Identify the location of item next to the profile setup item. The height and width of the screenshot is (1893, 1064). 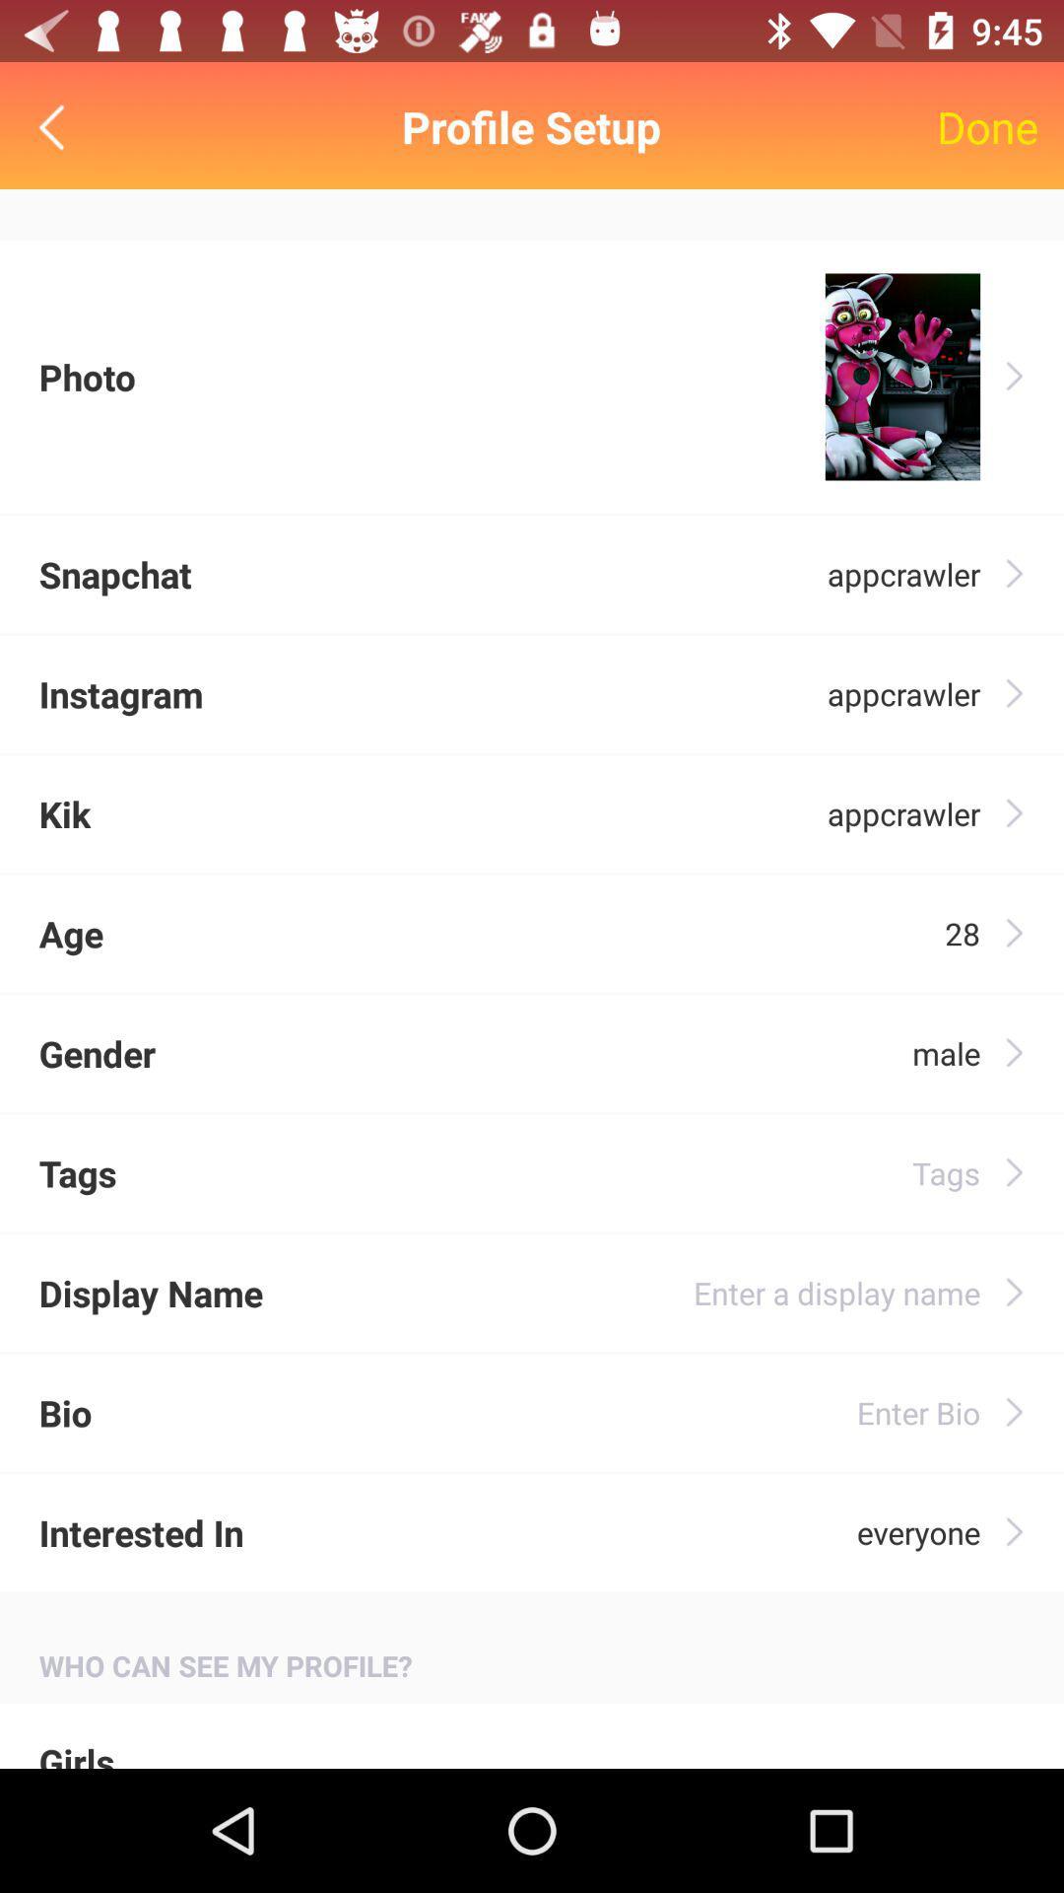
(55, 126).